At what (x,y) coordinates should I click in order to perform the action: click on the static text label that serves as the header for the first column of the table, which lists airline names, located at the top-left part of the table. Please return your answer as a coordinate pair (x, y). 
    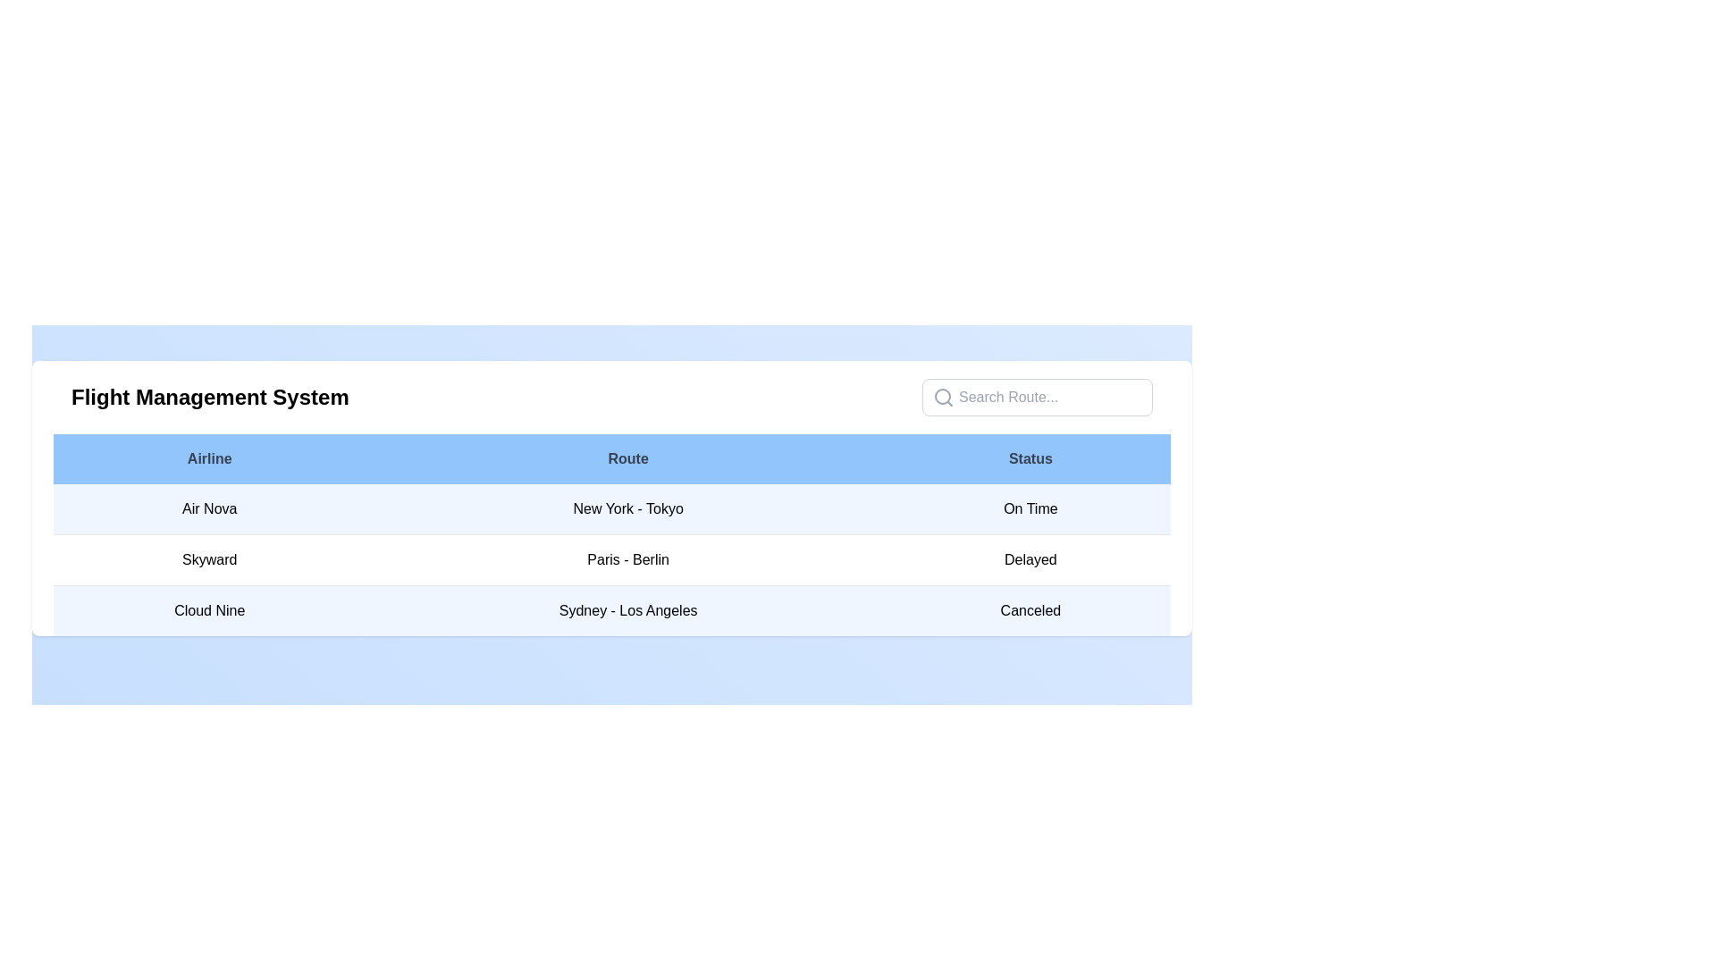
    Looking at the image, I should click on (209, 457).